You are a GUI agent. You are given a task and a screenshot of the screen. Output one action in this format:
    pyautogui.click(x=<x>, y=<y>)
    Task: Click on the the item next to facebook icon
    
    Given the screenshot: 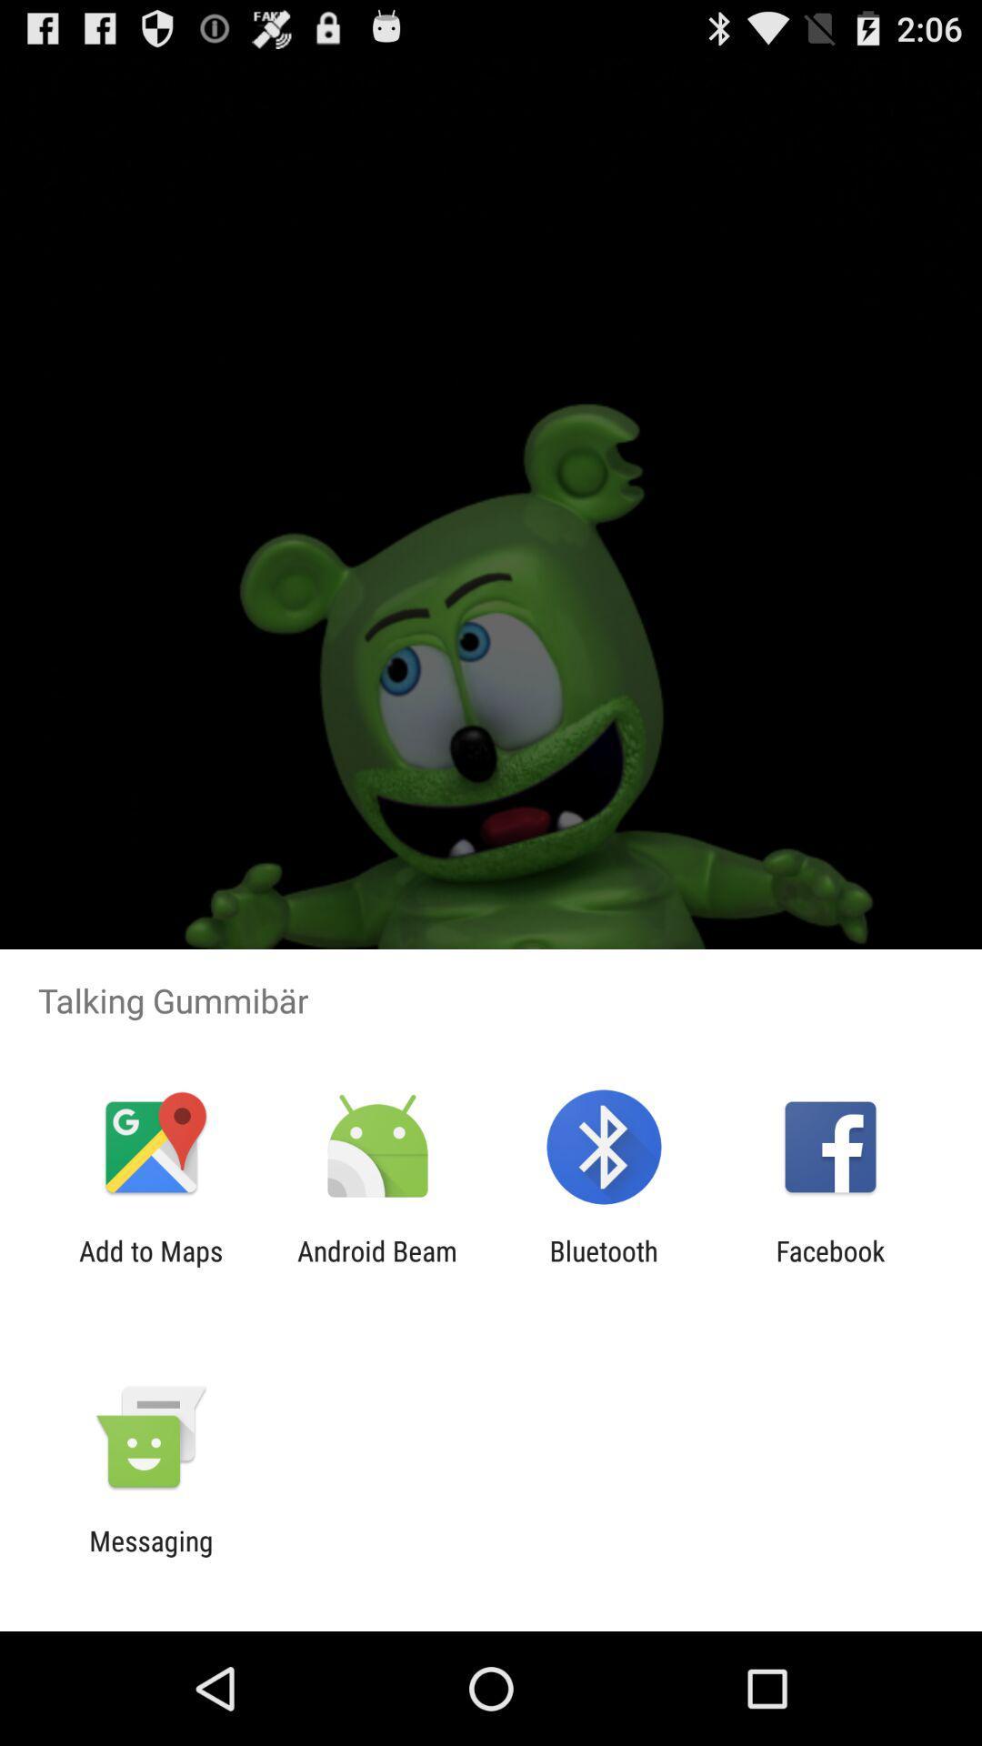 What is the action you would take?
    pyautogui.click(x=604, y=1266)
    